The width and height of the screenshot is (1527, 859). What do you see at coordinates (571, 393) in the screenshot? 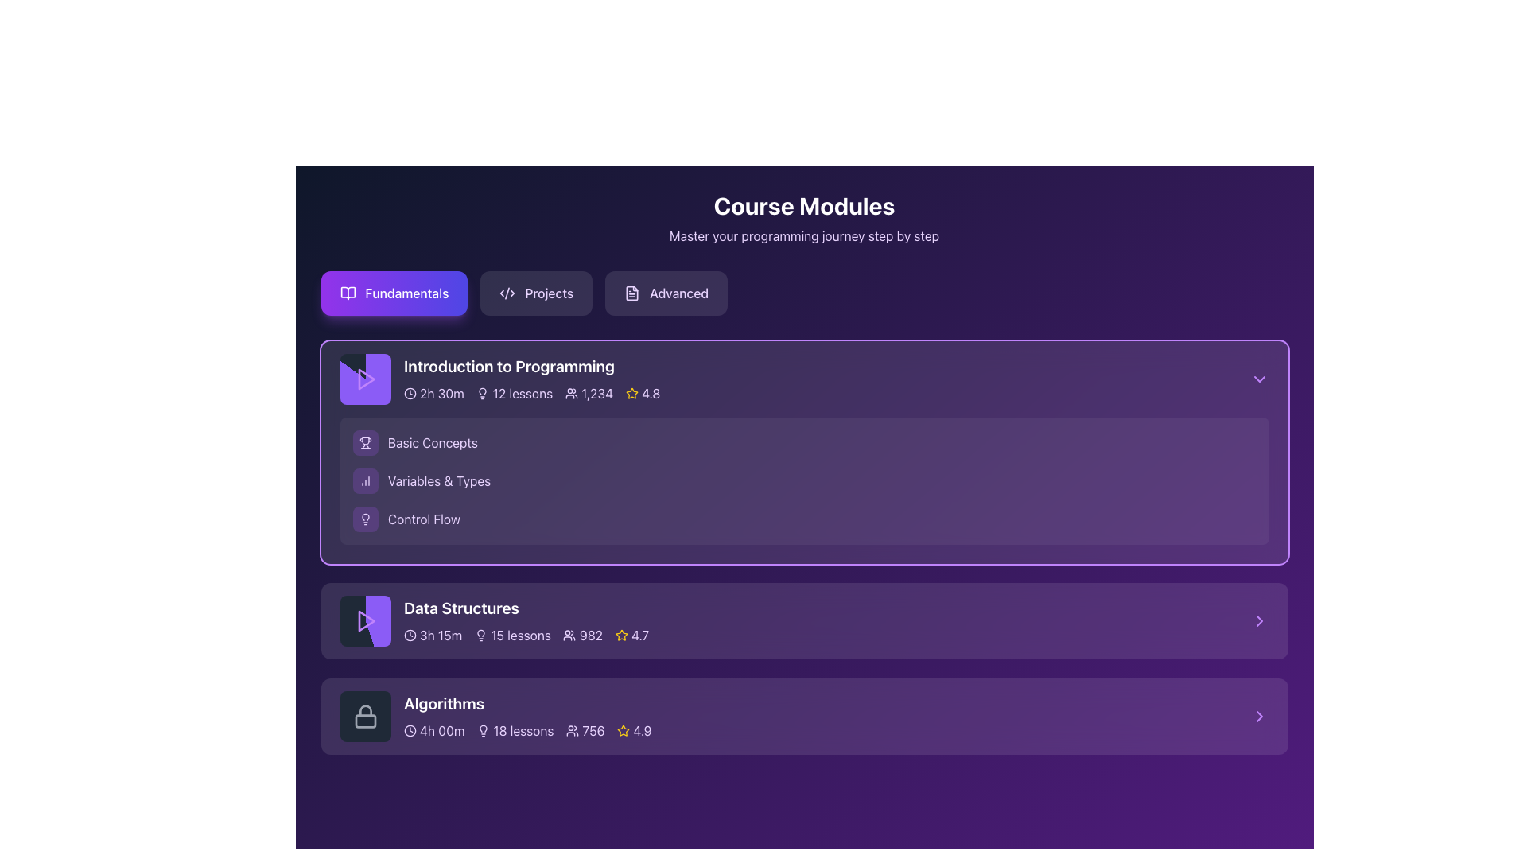
I see `the user icon represented by a group of silhouettes, located to the left of the text '1,234' within the card labeled 'Introduction to Programming'` at bounding box center [571, 393].